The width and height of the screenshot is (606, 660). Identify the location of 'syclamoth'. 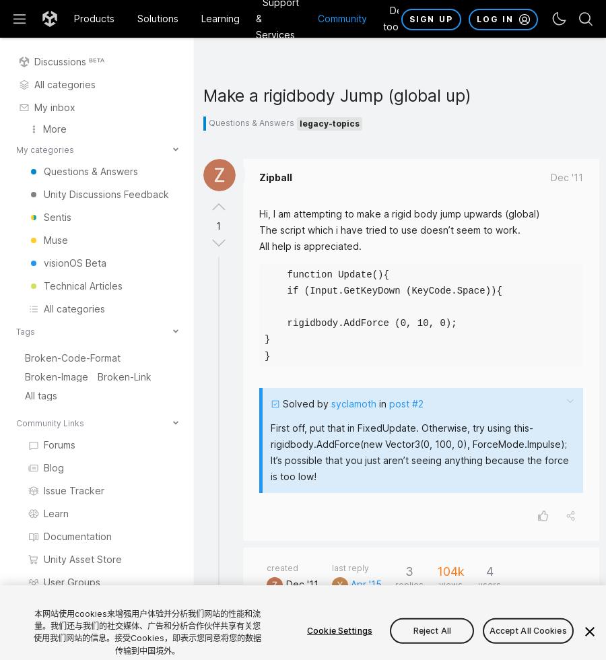
(353, 403).